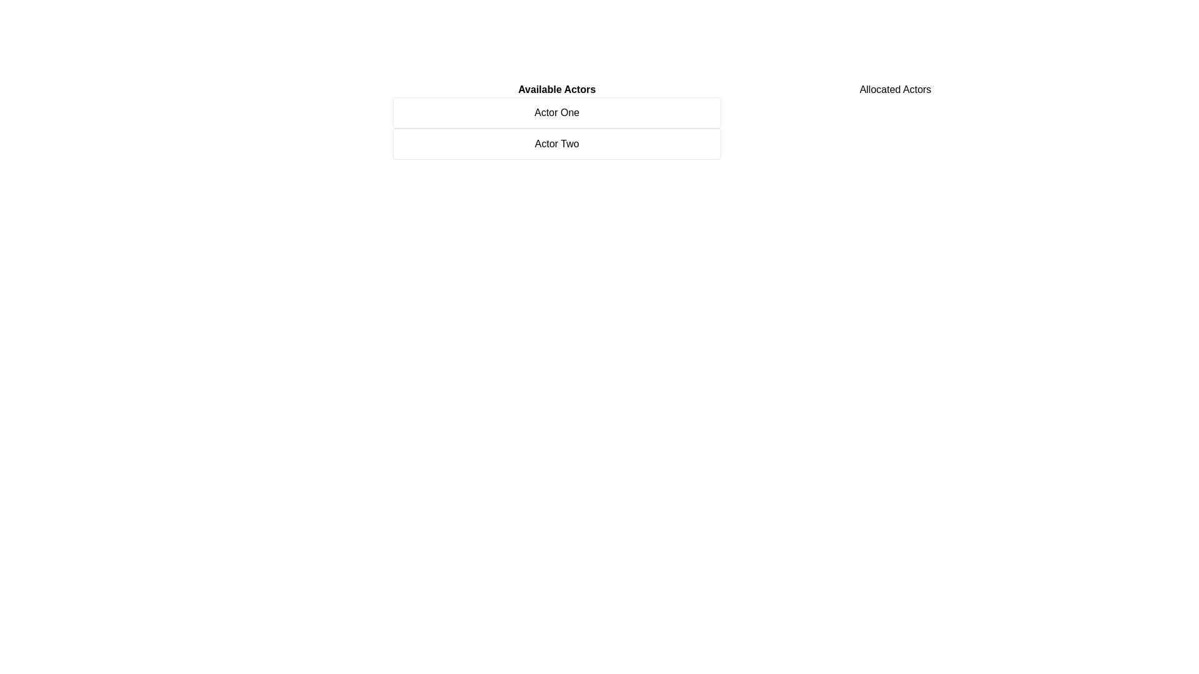 This screenshot has width=1199, height=674. What do you see at coordinates (895, 89) in the screenshot?
I see `the 'Allocated Actors' section by clicking on its header` at bounding box center [895, 89].